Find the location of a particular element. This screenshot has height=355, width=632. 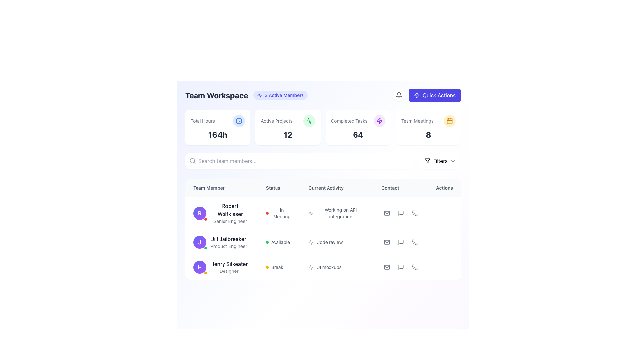

the small gray mail icon, styled with a minimalist vector design, located in the 'Contact' column for 'Robert Wolfkisser' to initiate an email action is located at coordinates (387, 213).